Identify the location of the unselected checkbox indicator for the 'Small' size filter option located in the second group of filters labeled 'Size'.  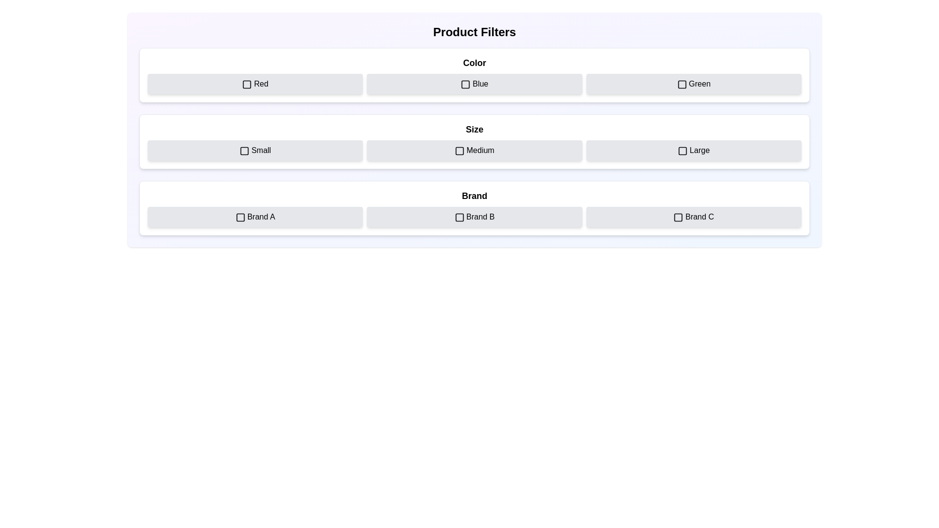
(245, 151).